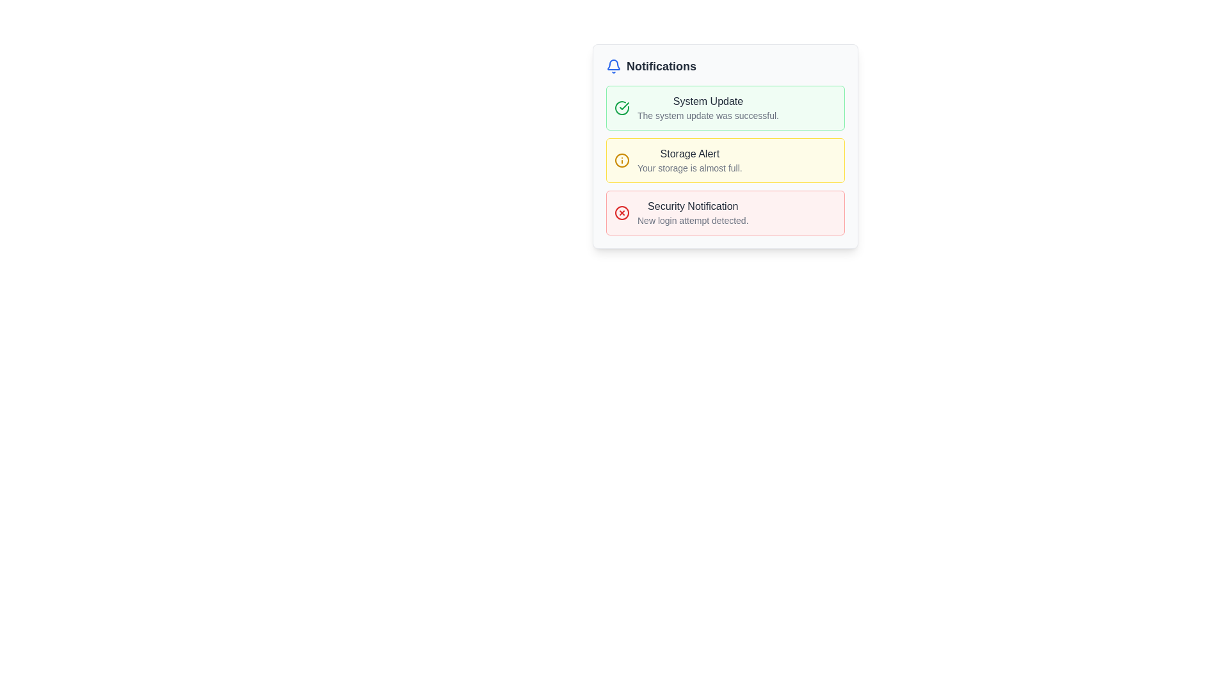 The width and height of the screenshot is (1229, 691). Describe the element at coordinates (725, 175) in the screenshot. I see `the notification panel labeled 'Notifications' to interact with individual alerts for further details` at that location.